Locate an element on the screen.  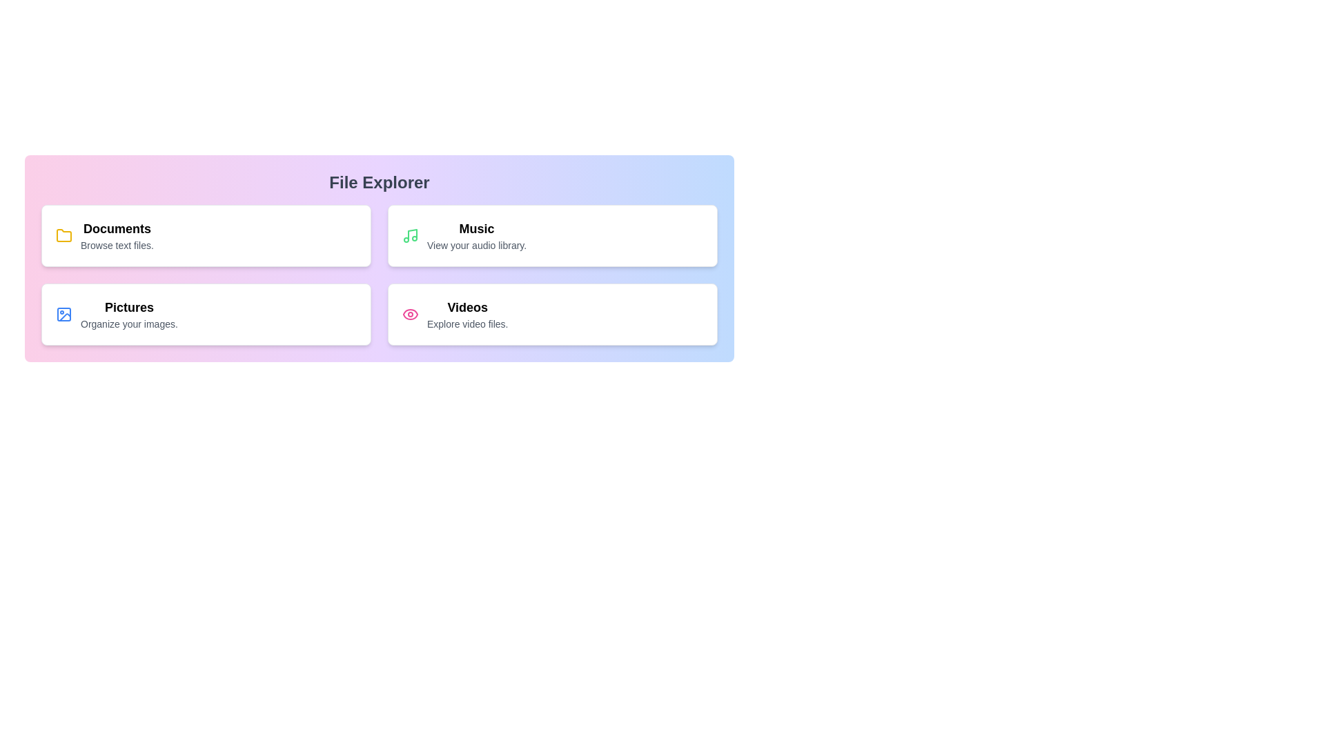
the icon representing Music for better visibility is located at coordinates (410, 235).